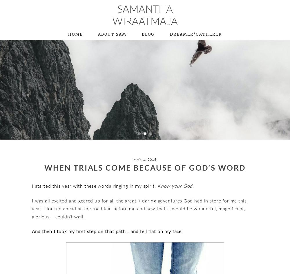 The width and height of the screenshot is (290, 274). Describe the element at coordinates (144, 167) in the screenshot. I see `'When Trials Come Because of God’s Word'` at that location.